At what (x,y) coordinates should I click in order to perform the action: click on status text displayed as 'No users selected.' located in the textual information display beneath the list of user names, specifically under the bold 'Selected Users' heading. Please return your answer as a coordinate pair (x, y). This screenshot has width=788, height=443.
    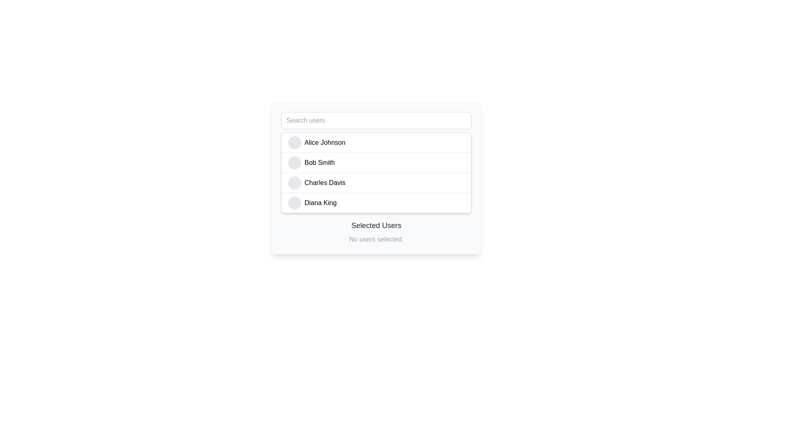
    Looking at the image, I should click on (376, 232).